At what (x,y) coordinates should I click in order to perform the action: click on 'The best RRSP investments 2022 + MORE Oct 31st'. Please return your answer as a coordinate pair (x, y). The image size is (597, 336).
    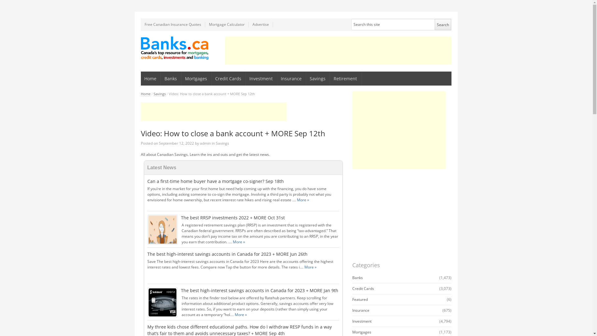
    Looking at the image, I should click on (232, 217).